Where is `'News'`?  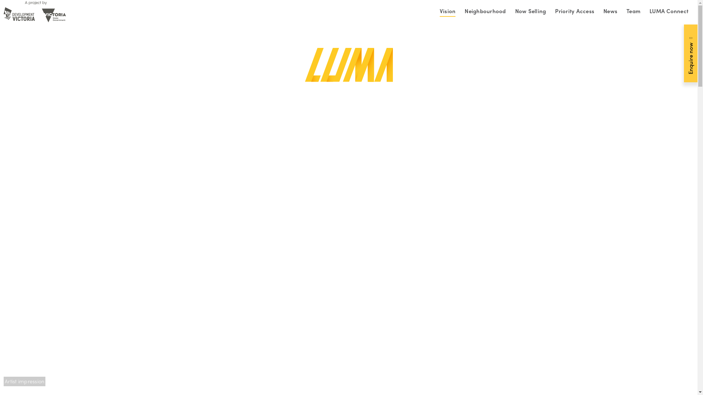 'News' is located at coordinates (610, 12).